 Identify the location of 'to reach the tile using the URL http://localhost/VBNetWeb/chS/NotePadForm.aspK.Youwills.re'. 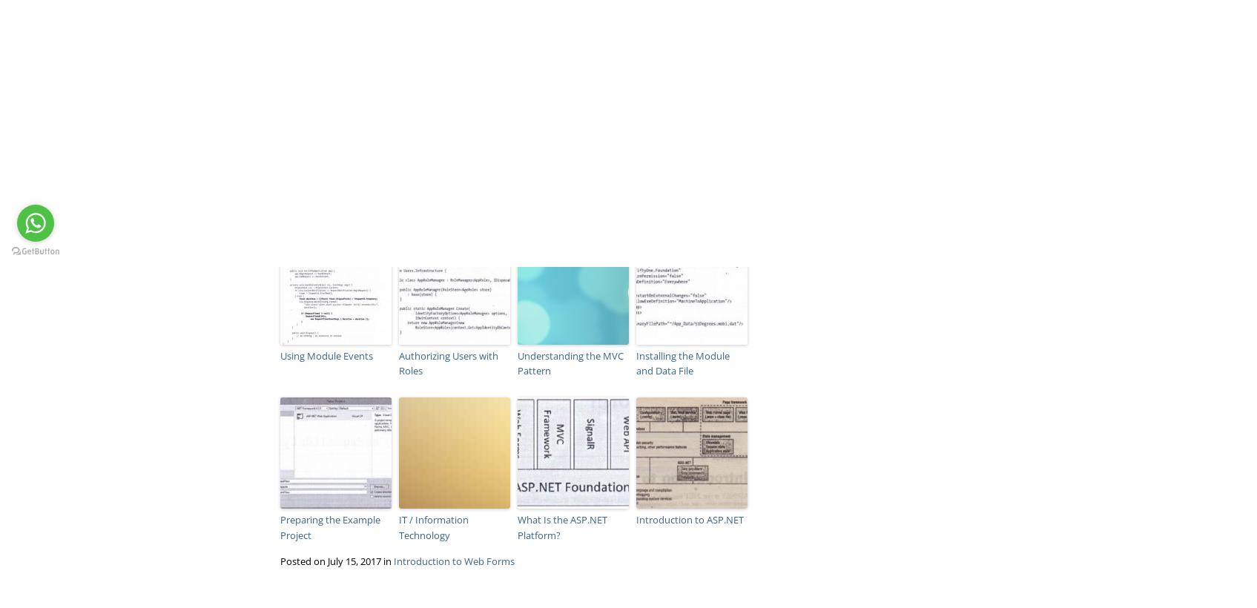
(486, 115).